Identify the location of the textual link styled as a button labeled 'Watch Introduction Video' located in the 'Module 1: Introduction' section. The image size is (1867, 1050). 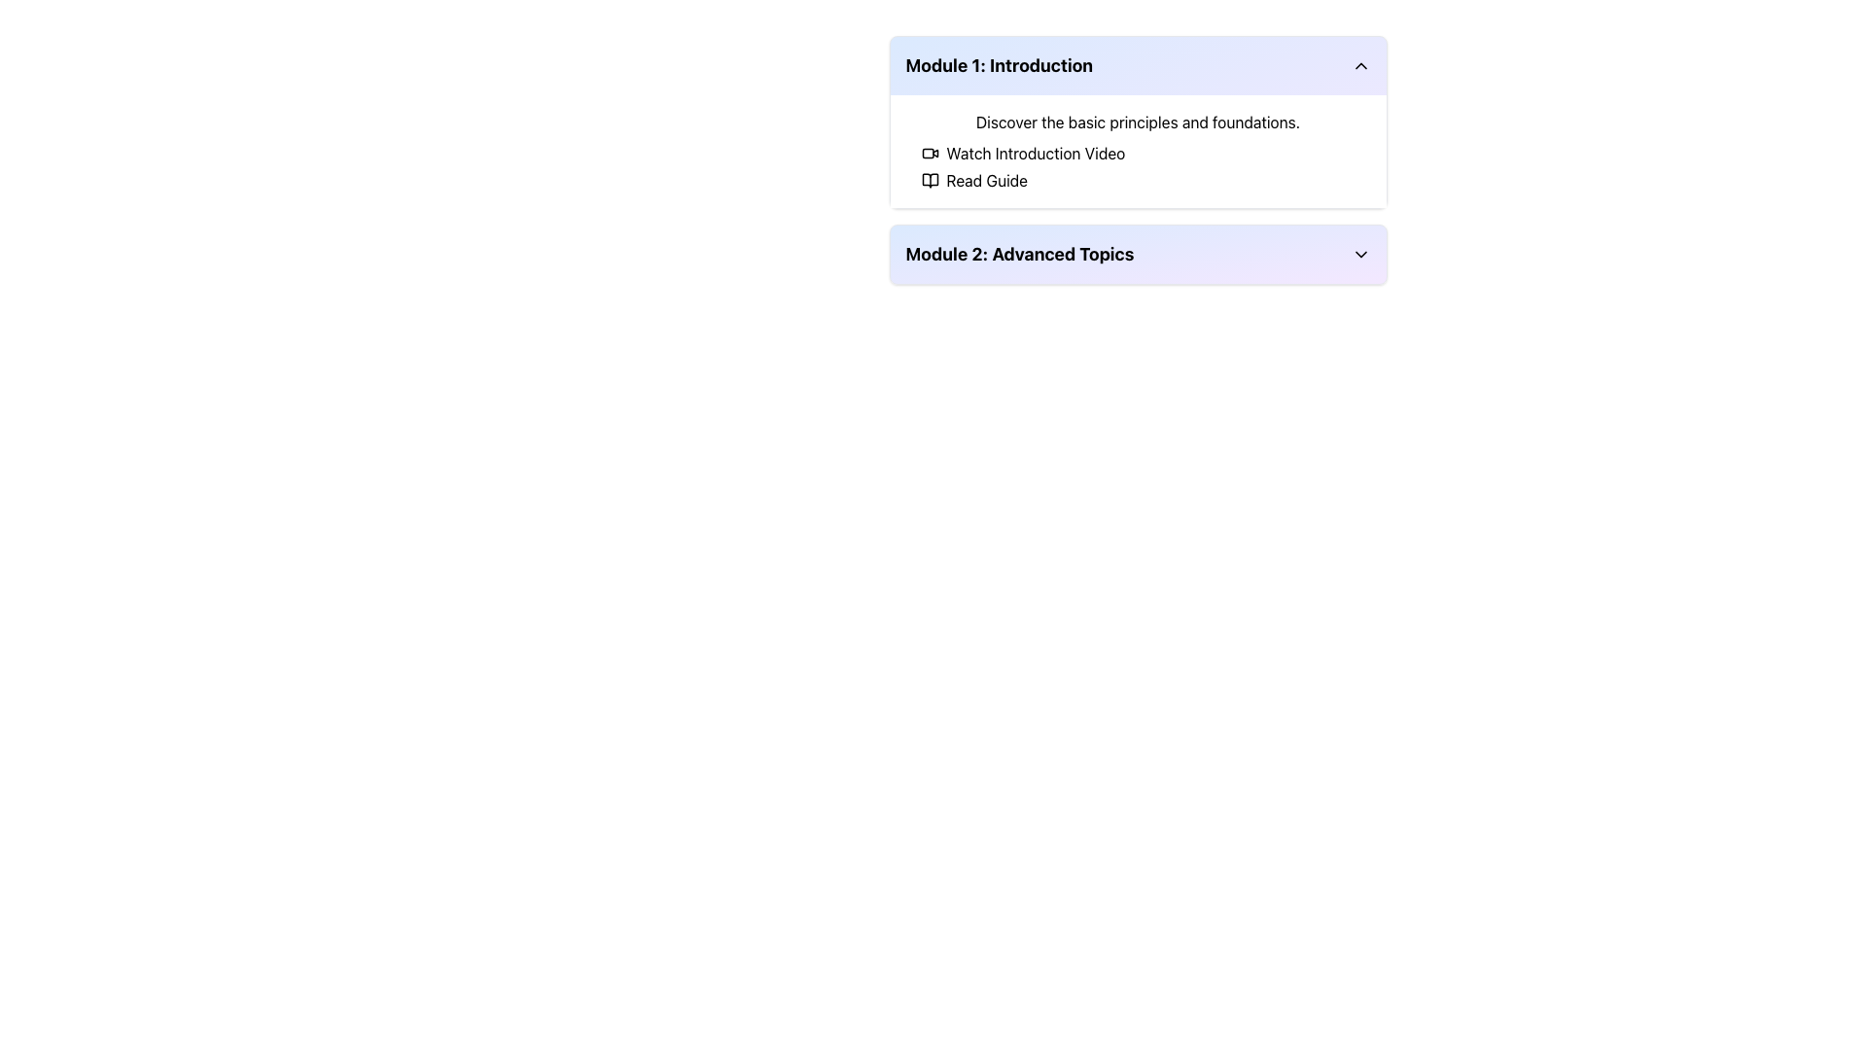
(1035, 153).